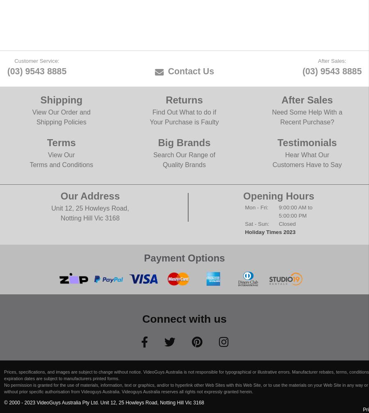 The image size is (369, 413). I want to click on 'Holiday Times 2023', so click(270, 232).